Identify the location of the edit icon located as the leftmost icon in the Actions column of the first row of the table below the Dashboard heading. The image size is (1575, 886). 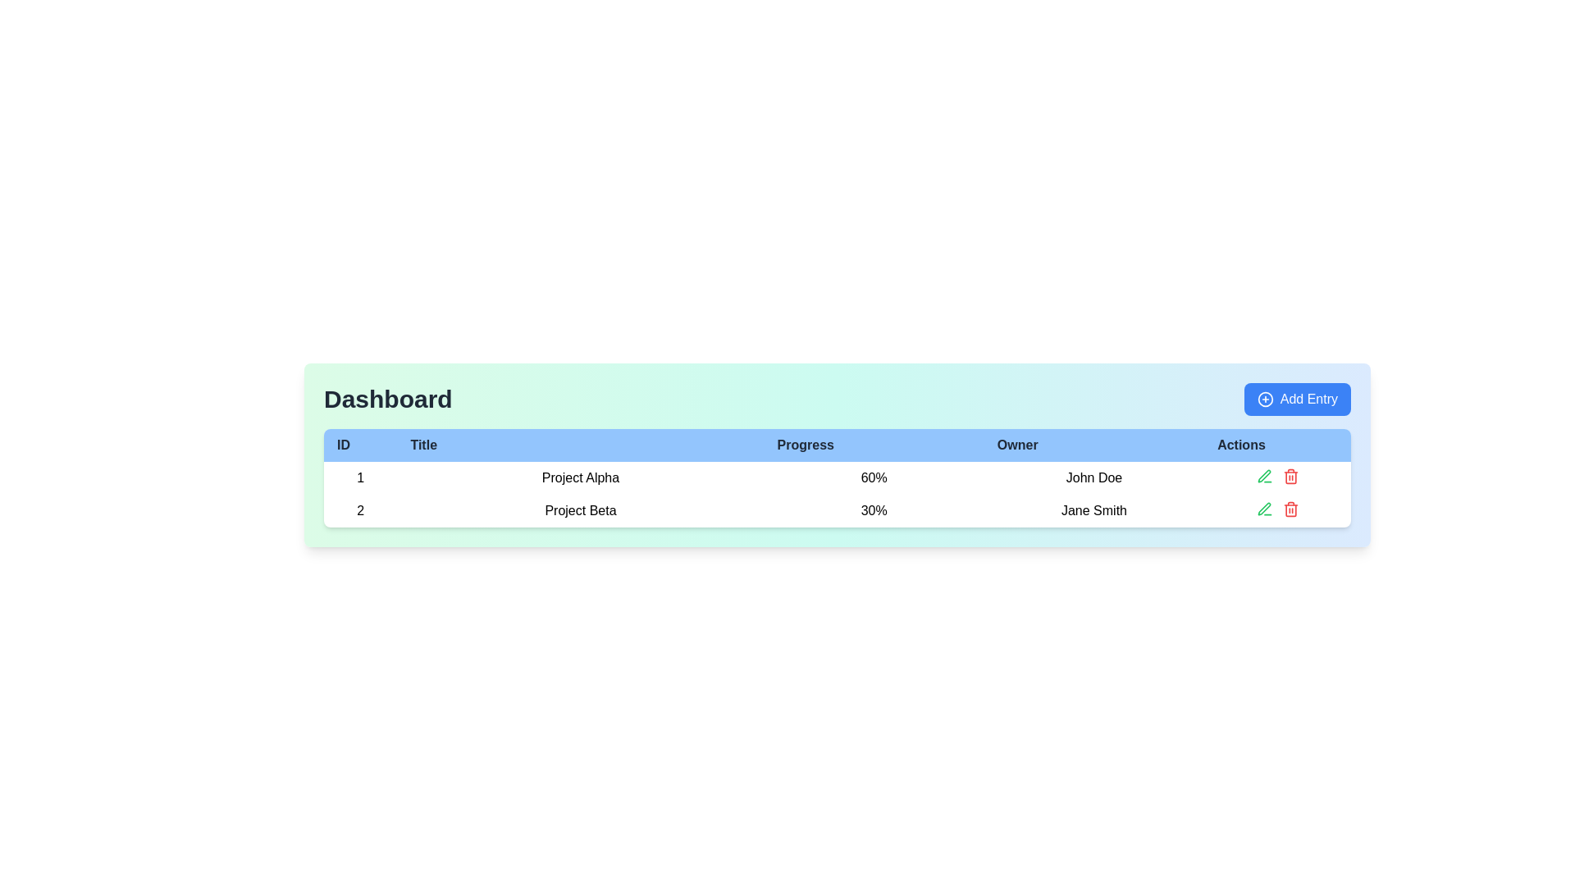
(1263, 477).